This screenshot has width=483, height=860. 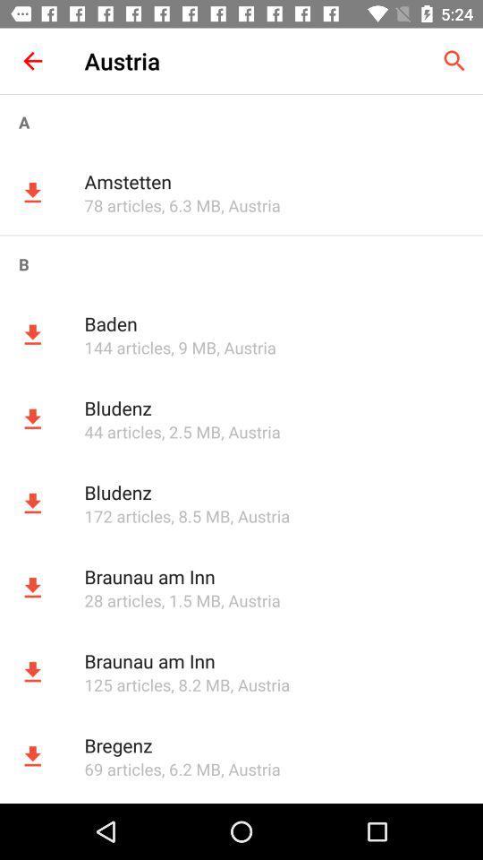 I want to click on app to the left of the , 2.5 mb app, so click(x=122, y=431).